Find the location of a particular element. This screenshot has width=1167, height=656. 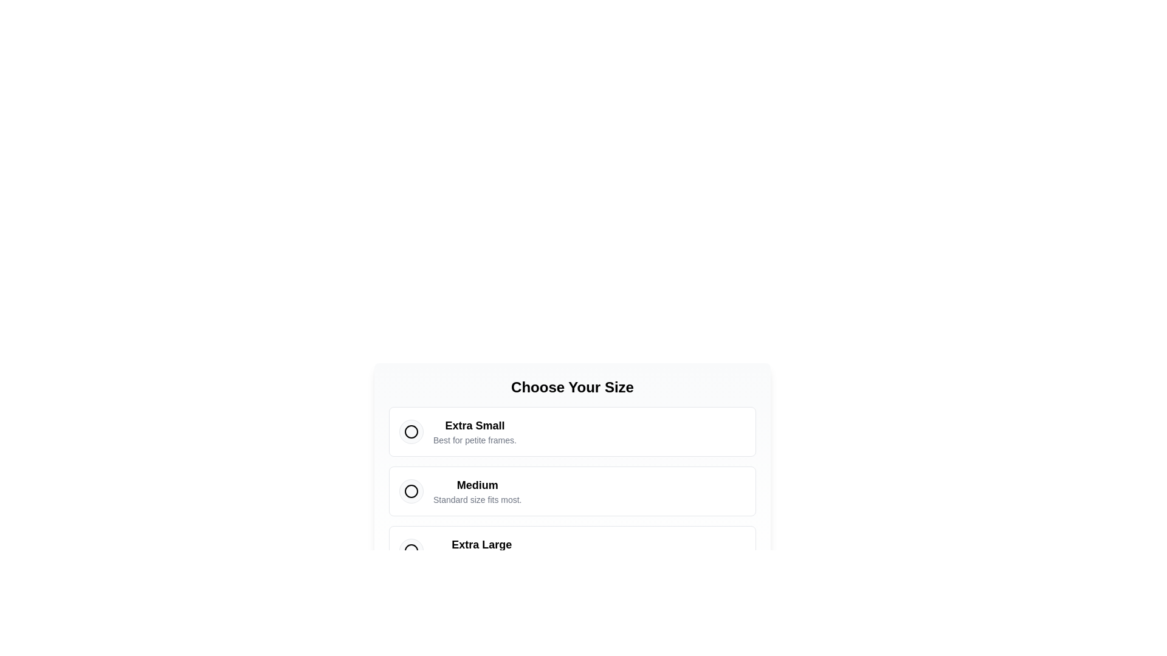

text from the 'Medium' size option label, which indicates the 'Medium' size selection and is located centrally in the list of size options is located at coordinates (477, 484).